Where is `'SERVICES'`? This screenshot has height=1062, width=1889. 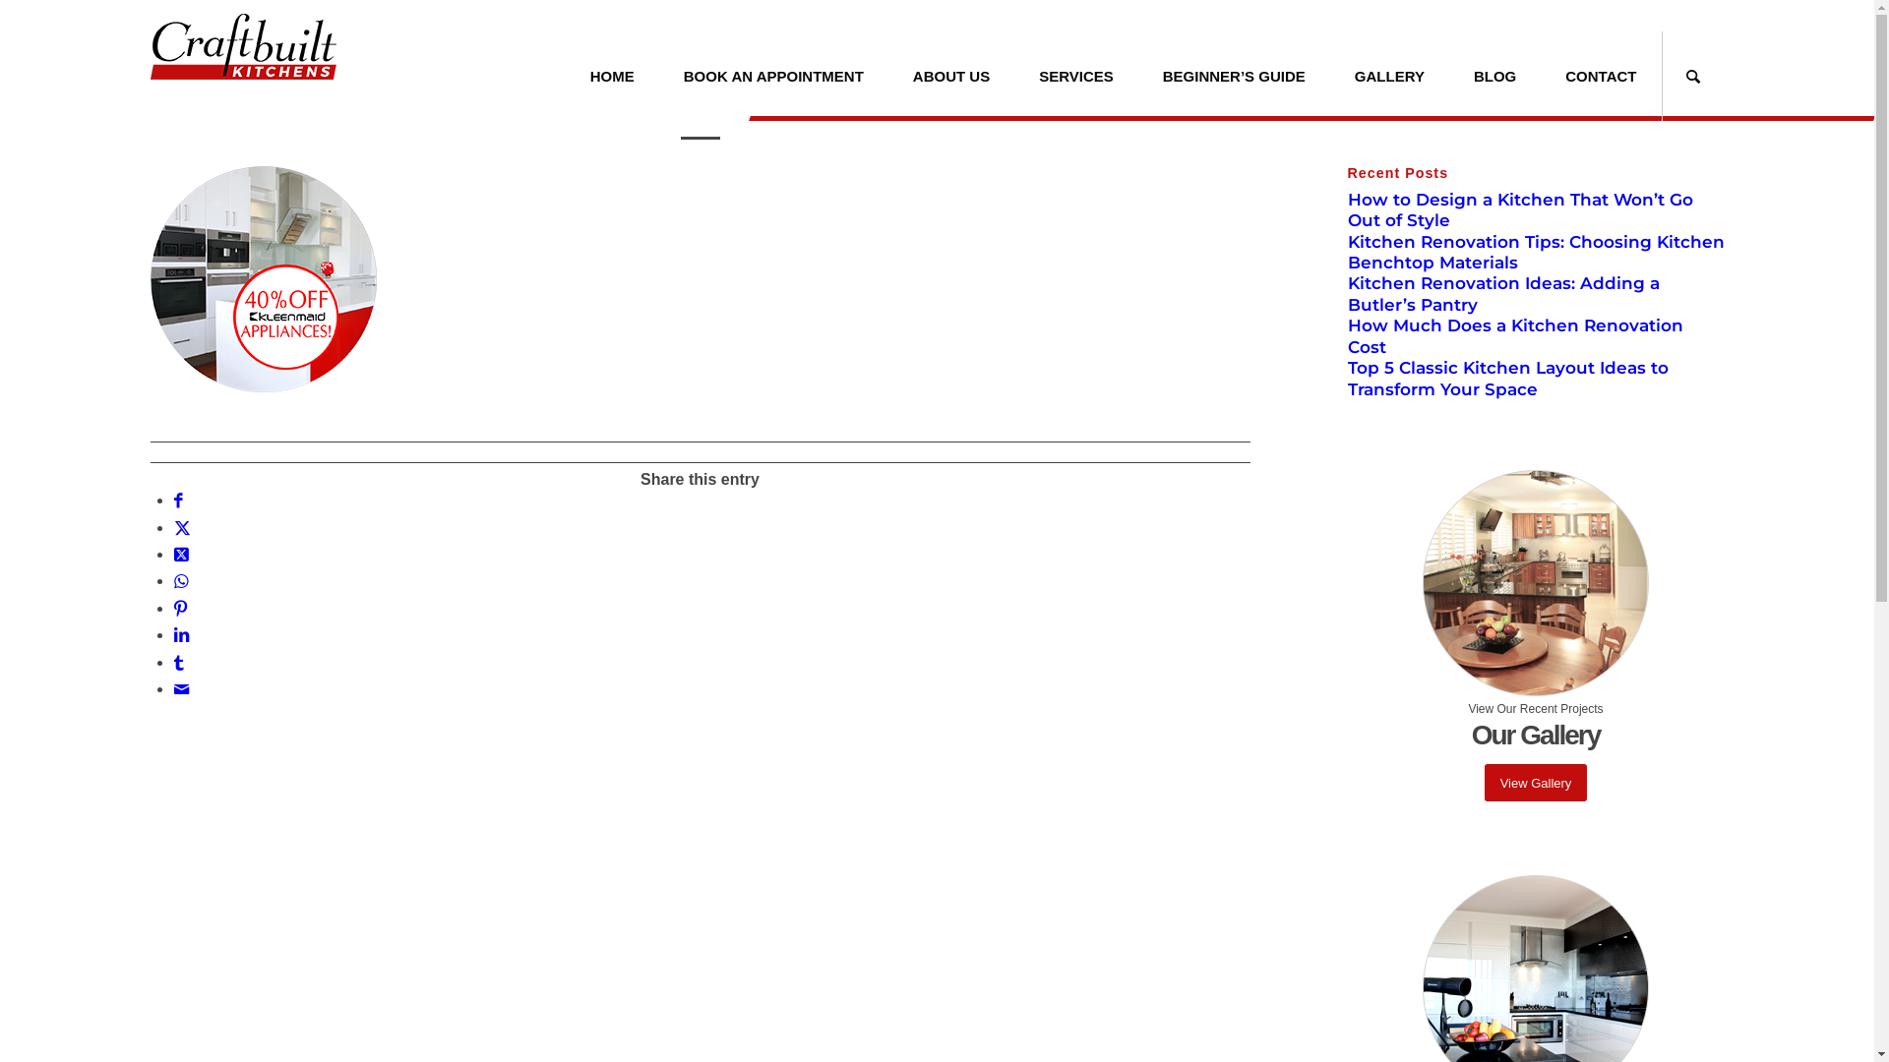 'SERVICES' is located at coordinates (1075, 75).